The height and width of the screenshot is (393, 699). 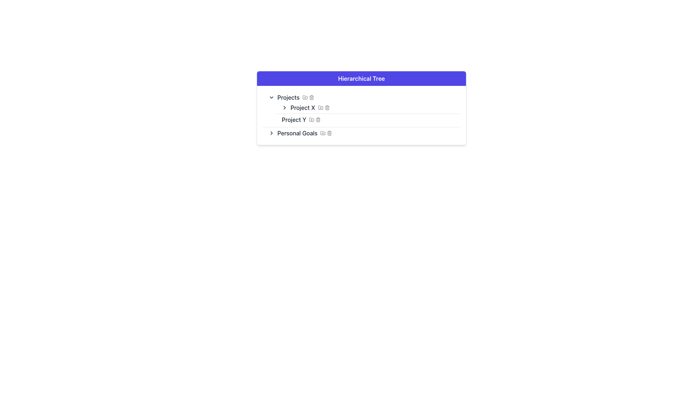 What do you see at coordinates (308, 97) in the screenshot?
I see `the add folder icon in the Icon Group located to the right of the 'Projects' text in the header of the hierarchical tree structure` at bounding box center [308, 97].